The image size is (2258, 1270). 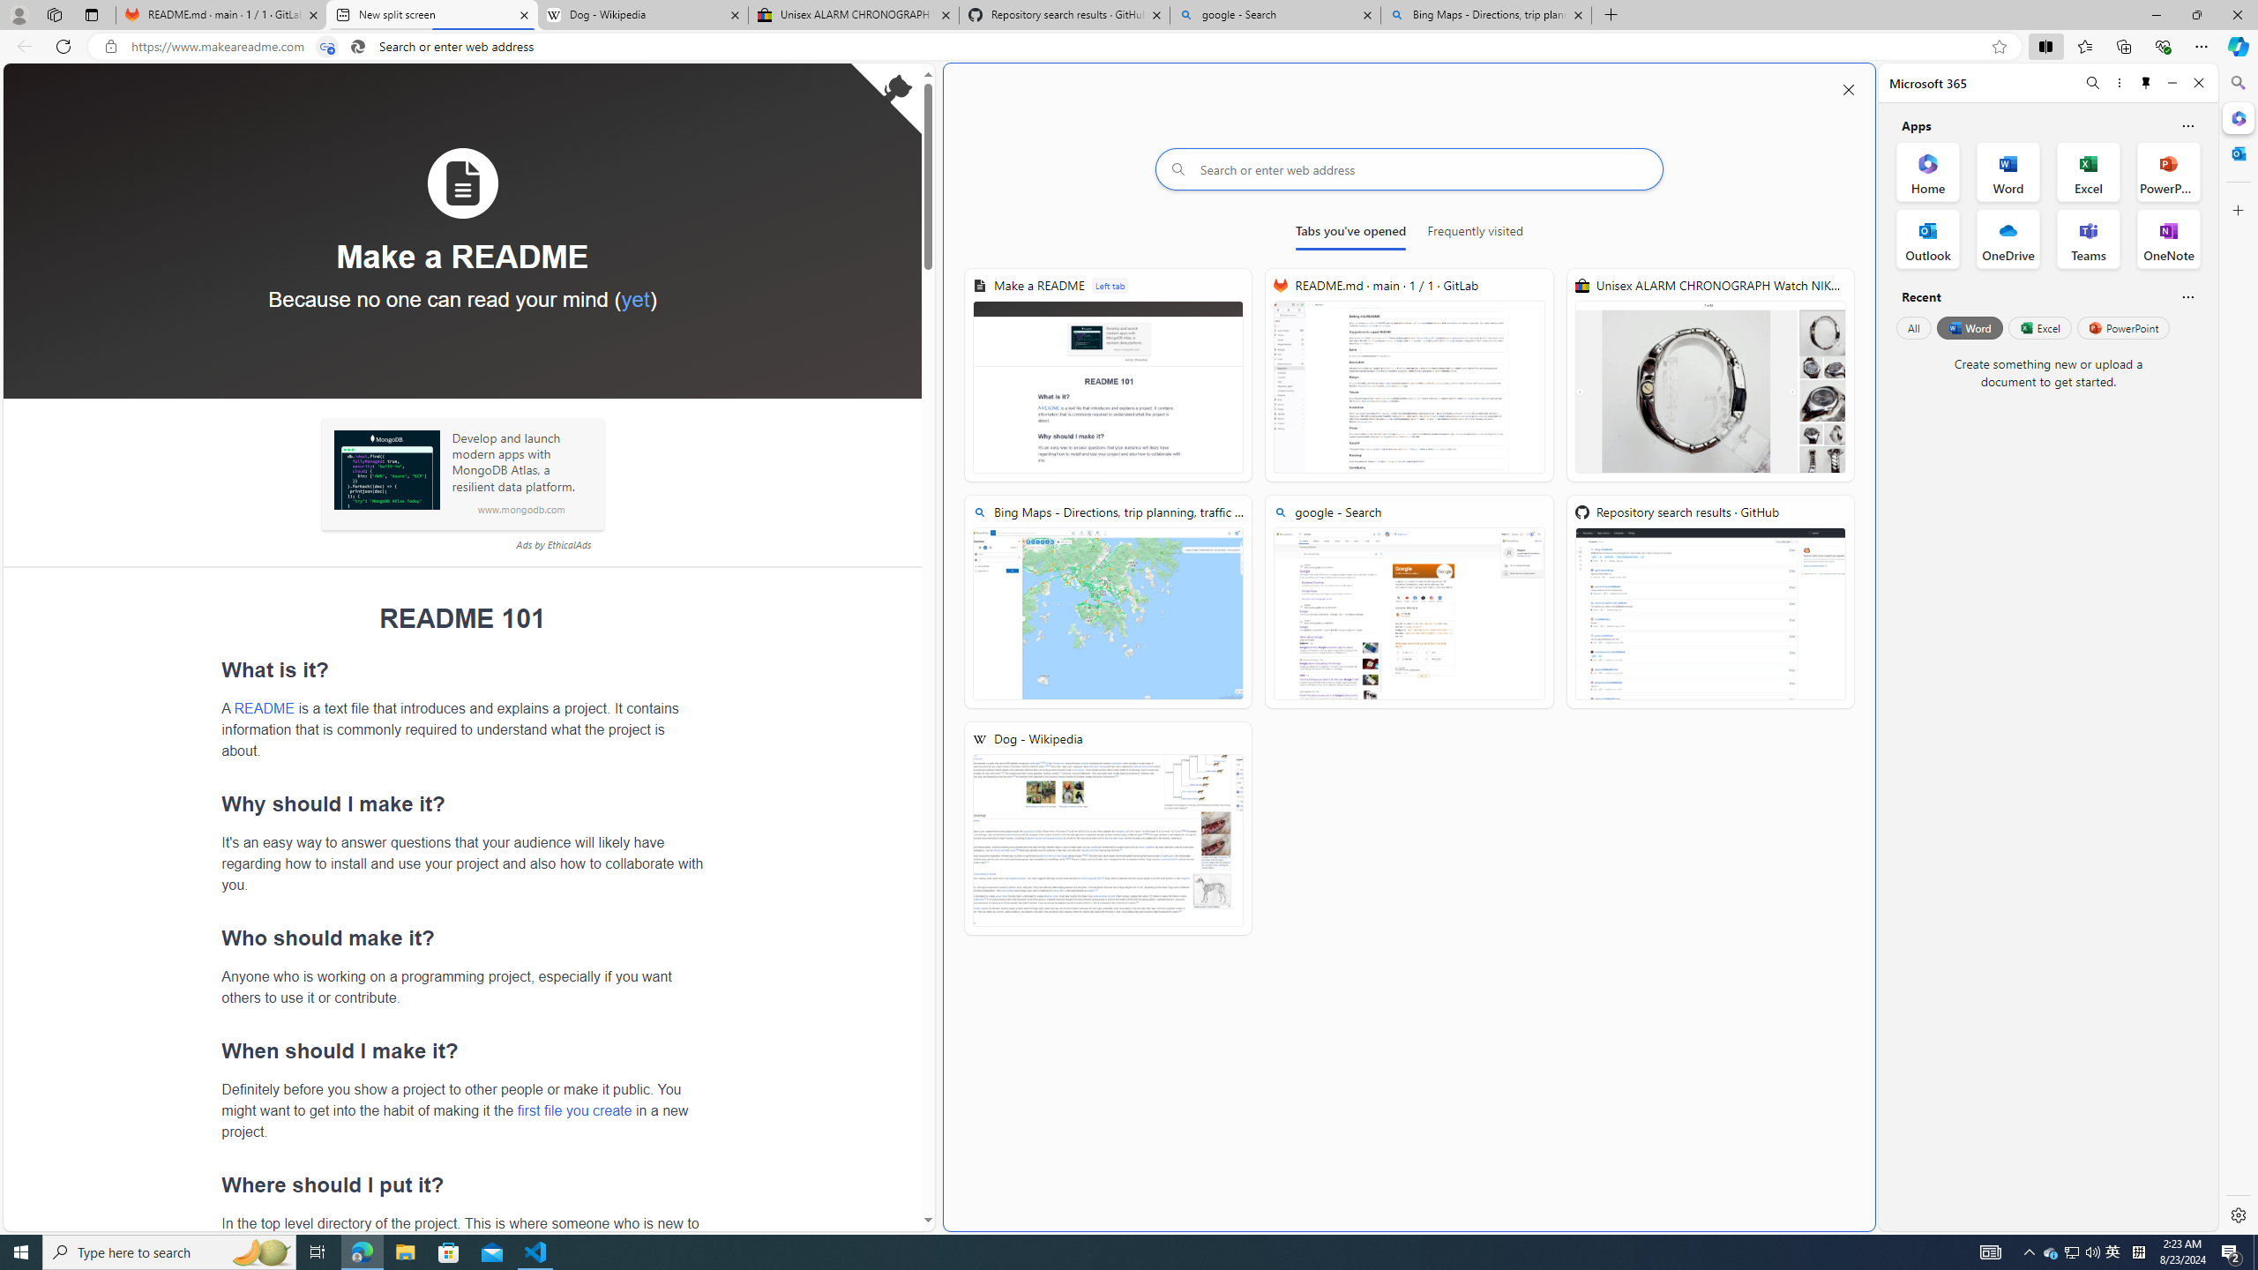 What do you see at coordinates (1409, 168) in the screenshot?
I see `'Search or enter web address'` at bounding box center [1409, 168].